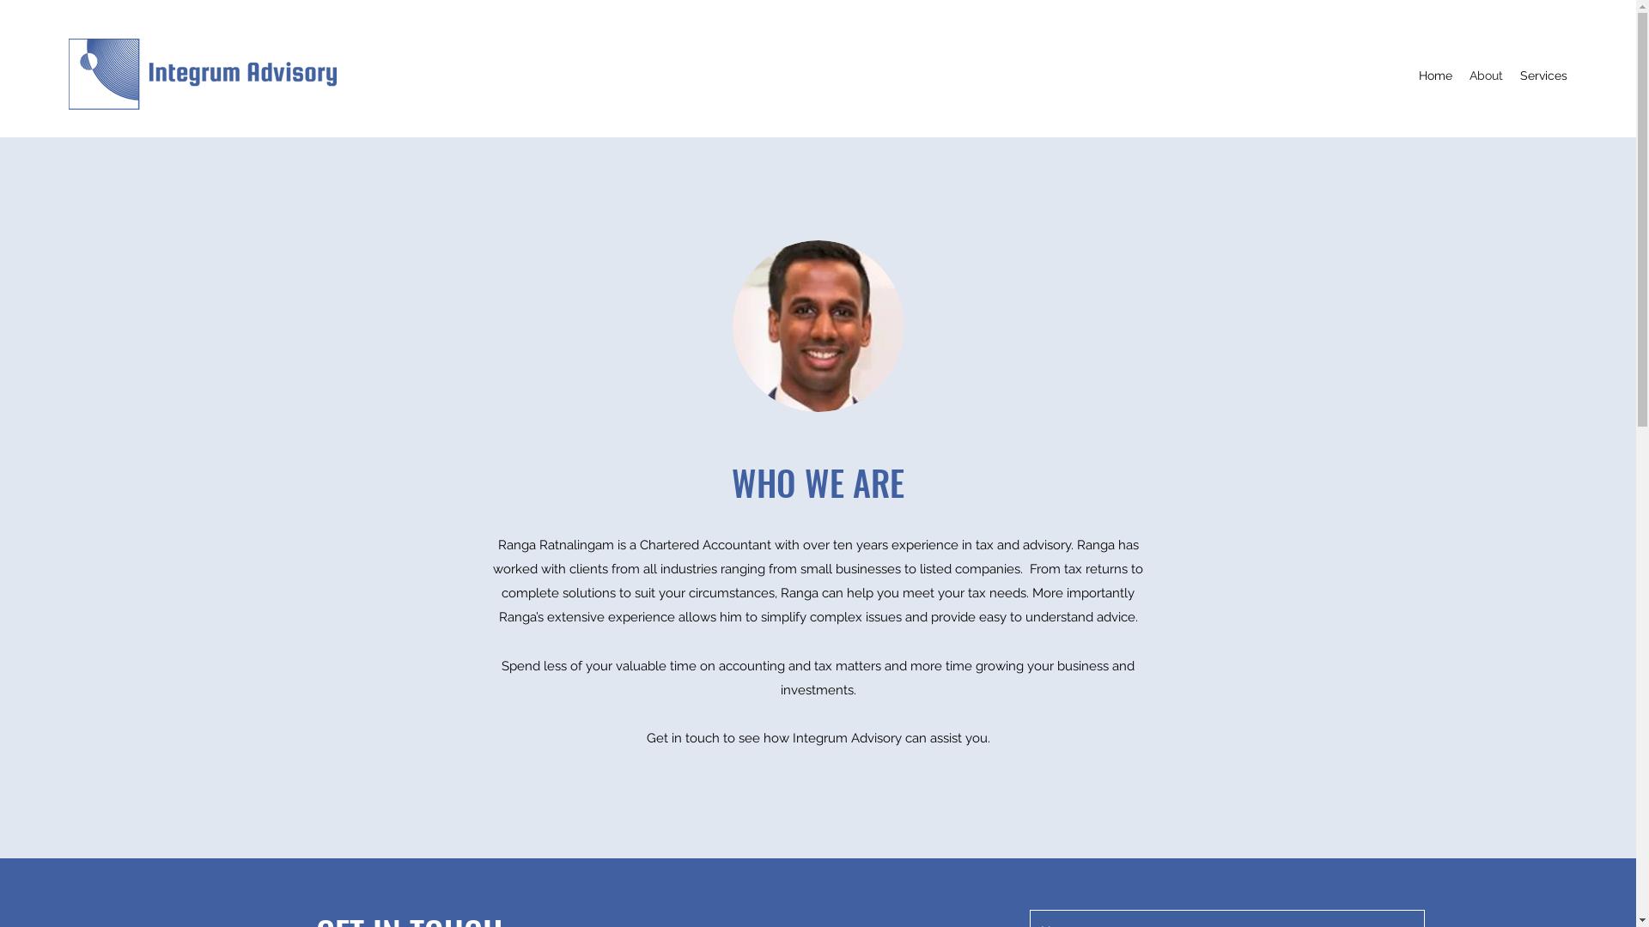 The width and height of the screenshot is (1649, 927). Describe the element at coordinates (1485, 75) in the screenshot. I see `'About'` at that location.